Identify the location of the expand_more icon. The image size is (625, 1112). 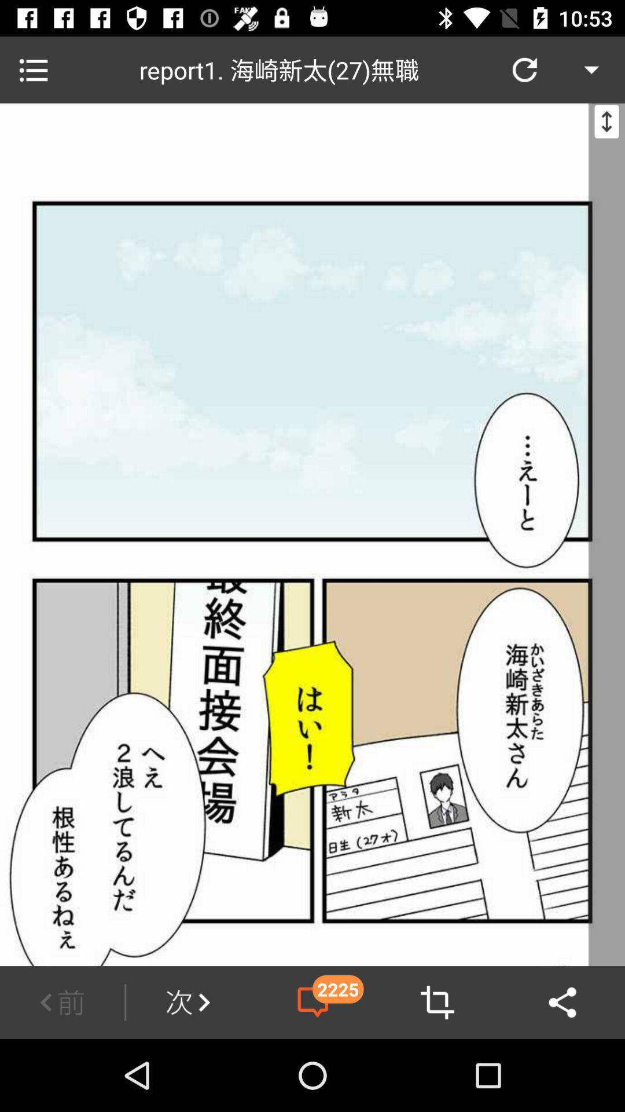
(591, 69).